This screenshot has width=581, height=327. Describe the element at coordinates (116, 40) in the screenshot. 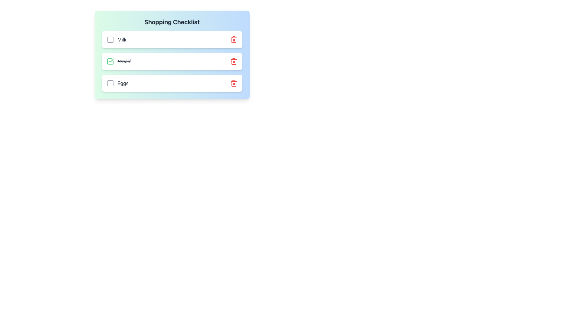

I see `the 'Milk' checkbox item in the shopping checklist to mark it as completed or selected` at that location.